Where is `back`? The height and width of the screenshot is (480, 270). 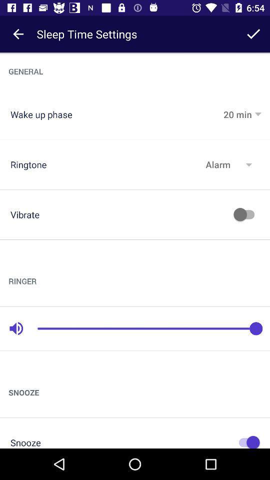 back is located at coordinates (18, 34).